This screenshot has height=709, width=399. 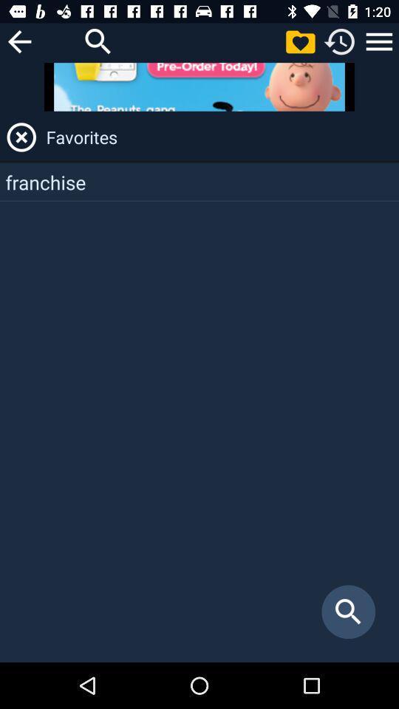 I want to click on the menu icon, so click(x=379, y=41).